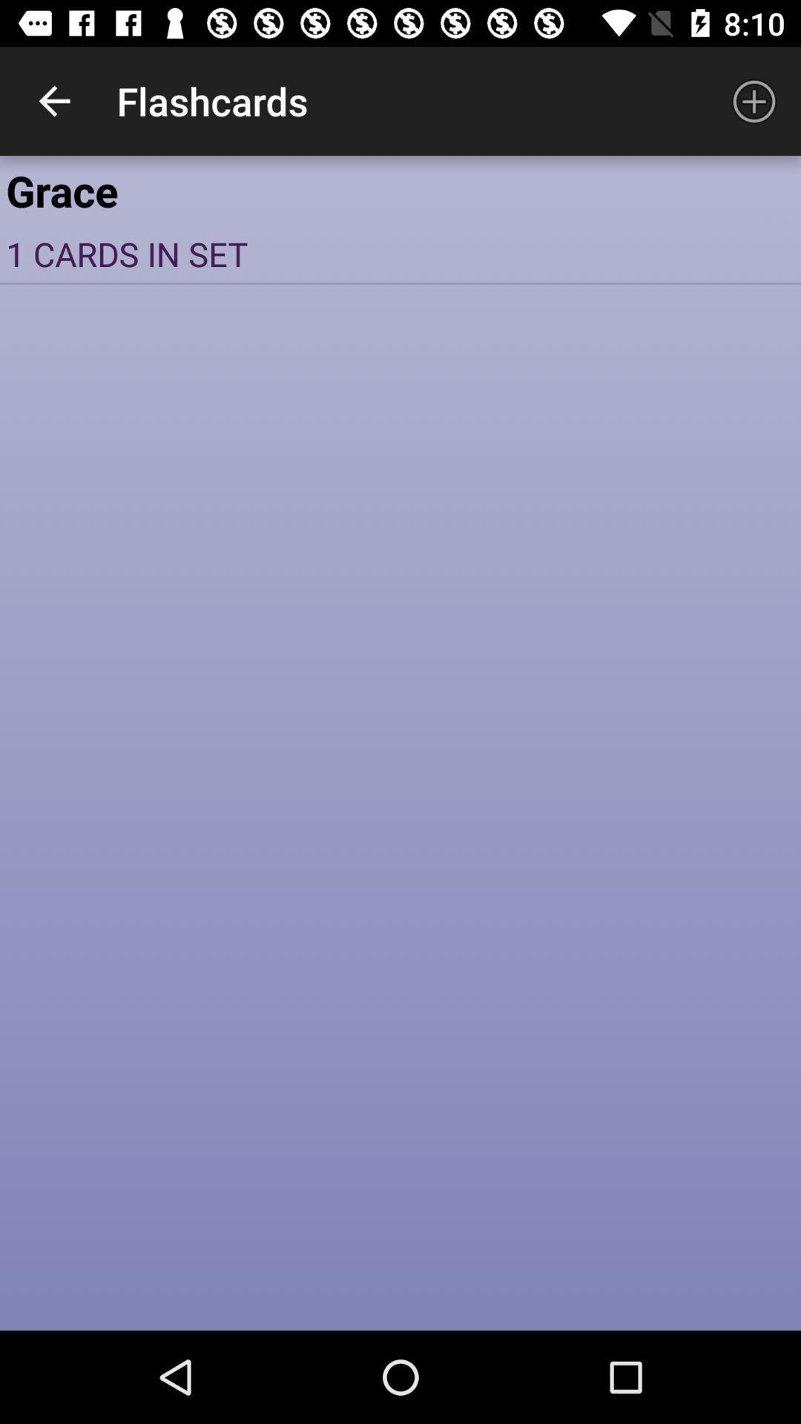  Describe the element at coordinates (754, 100) in the screenshot. I see `the item at the top right corner` at that location.